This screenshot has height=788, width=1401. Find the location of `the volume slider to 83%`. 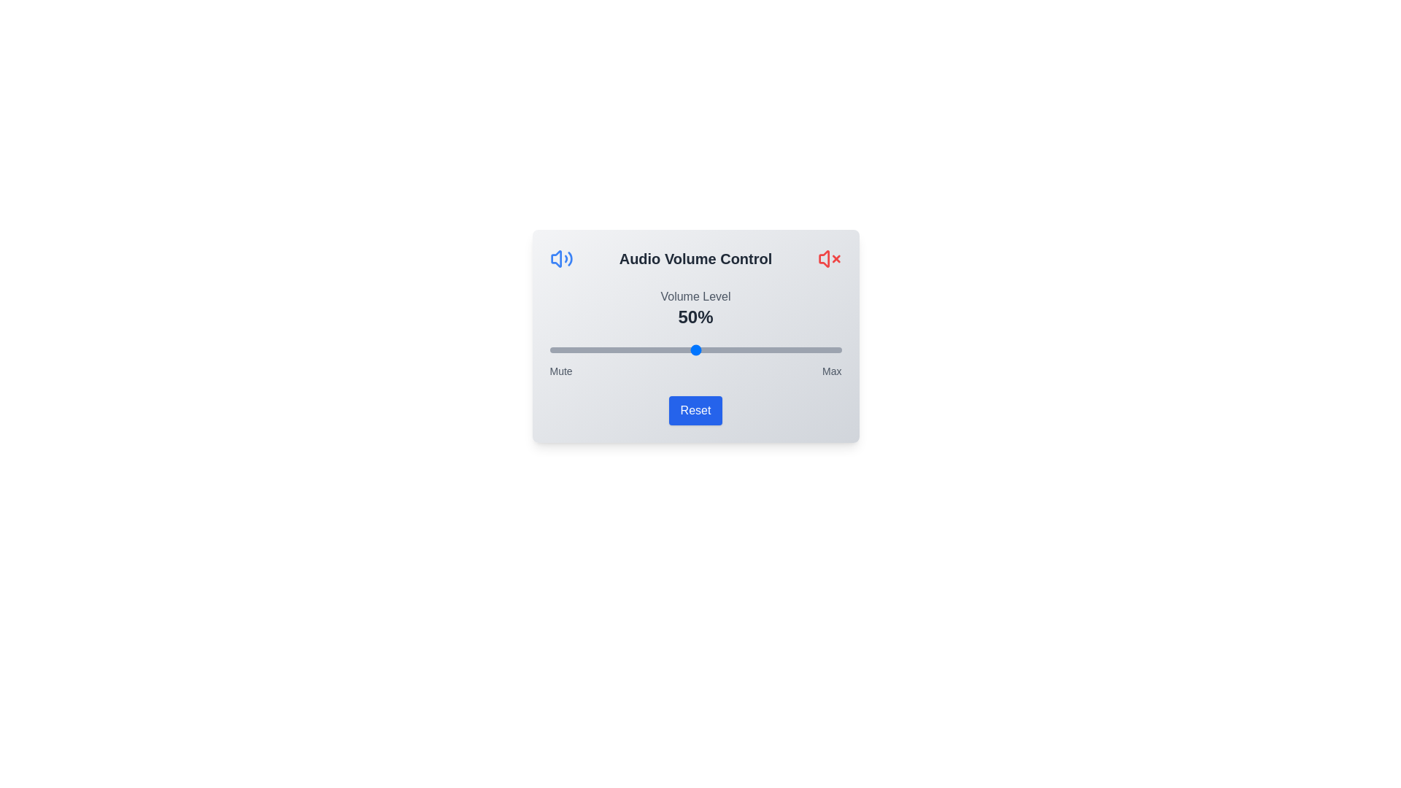

the volume slider to 83% is located at coordinates (791, 349).